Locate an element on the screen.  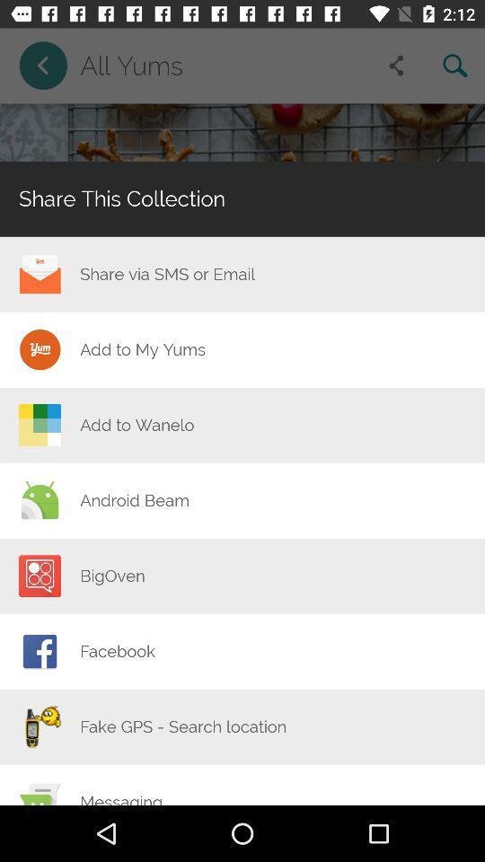
the icon above fake gps search icon is located at coordinates (118, 650).